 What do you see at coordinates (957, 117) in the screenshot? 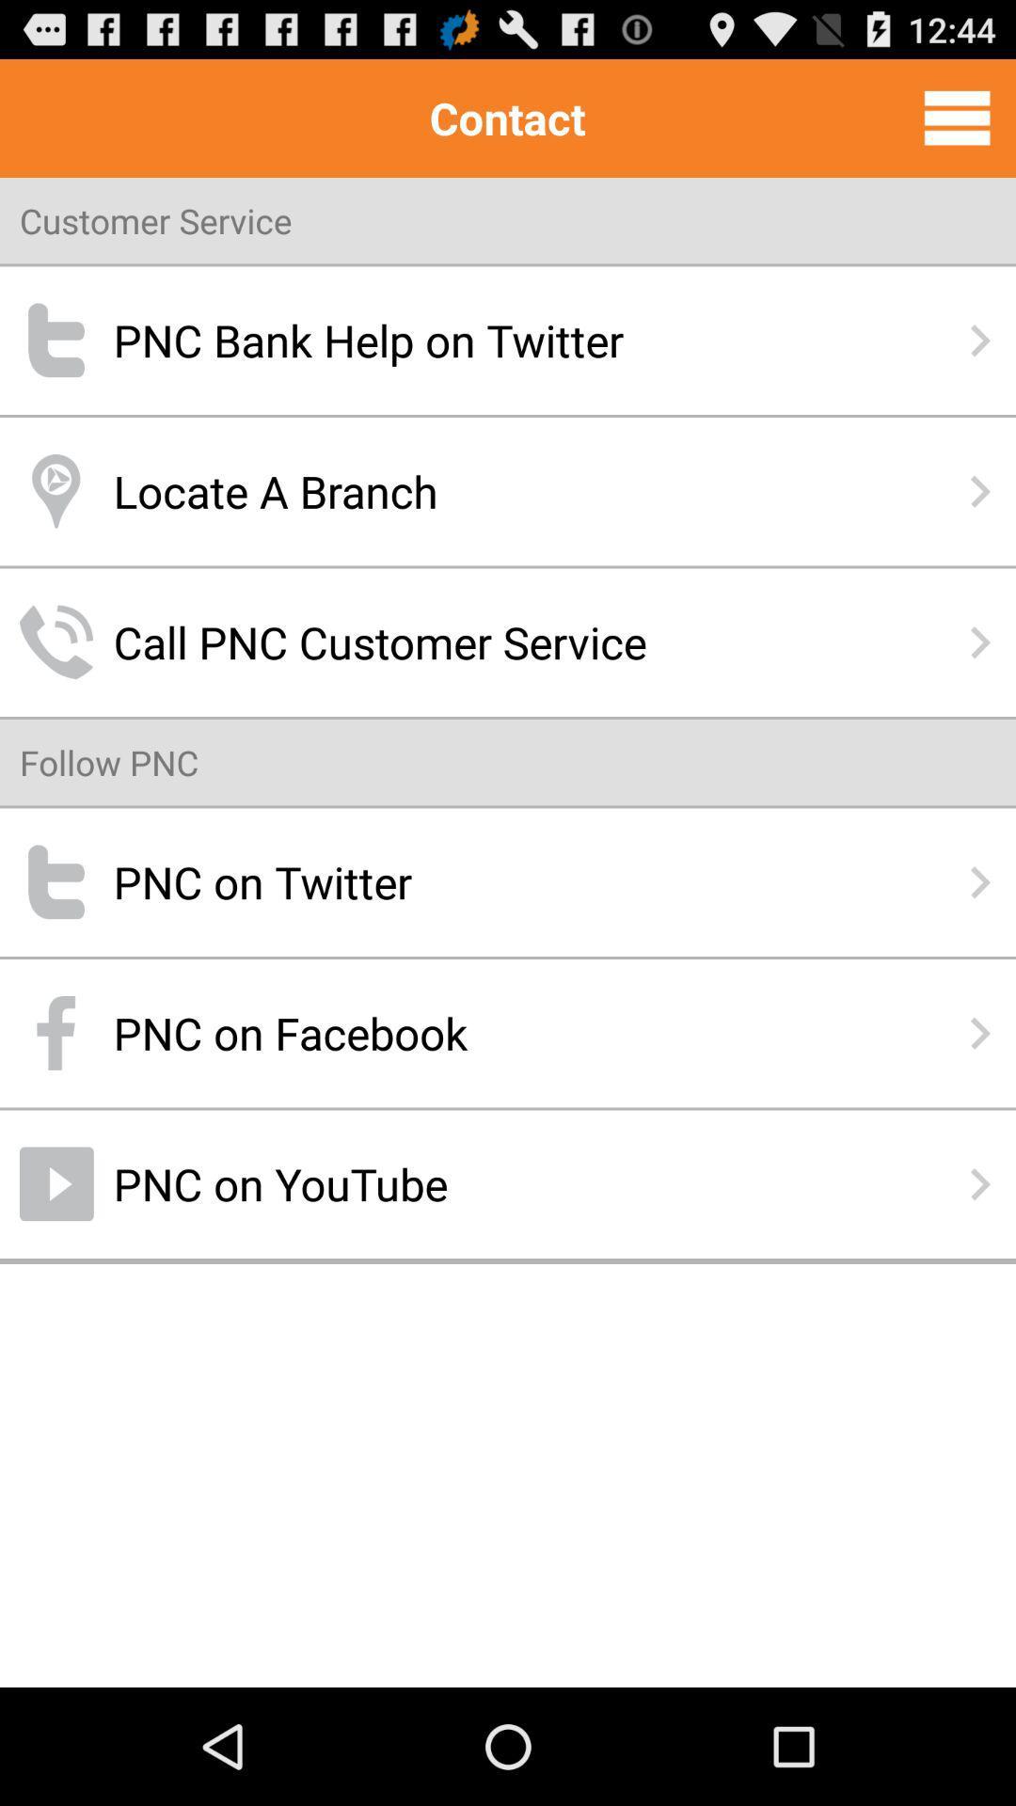
I see `it shows main menu` at bounding box center [957, 117].